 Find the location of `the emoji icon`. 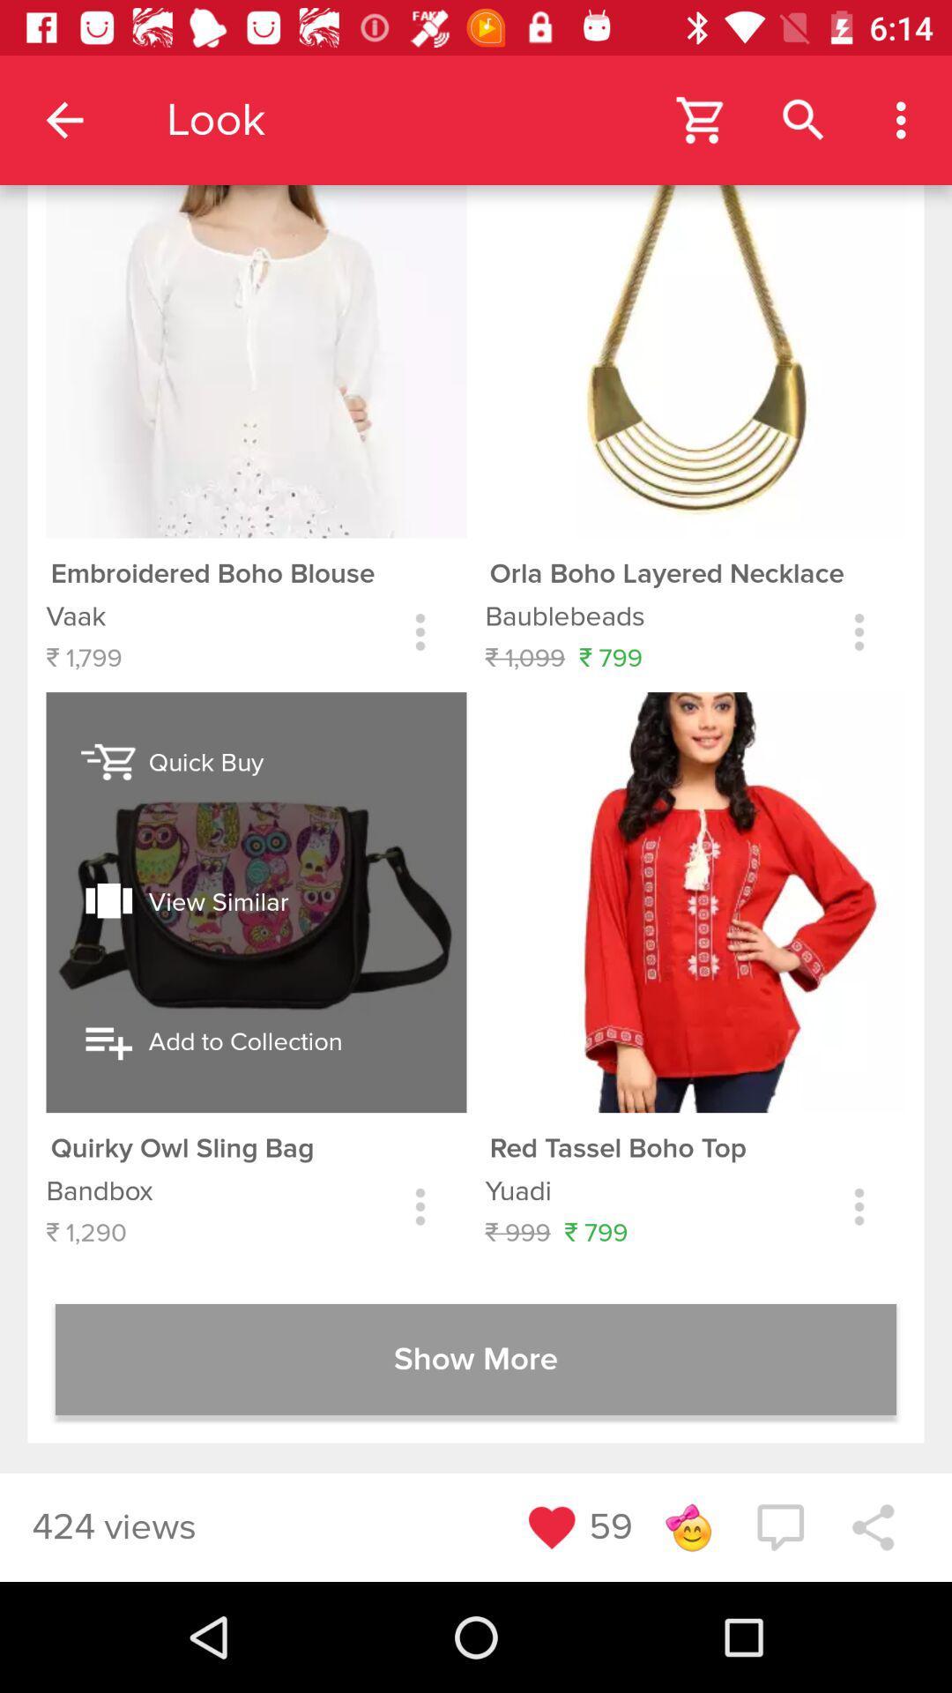

the emoji icon is located at coordinates (687, 1526).